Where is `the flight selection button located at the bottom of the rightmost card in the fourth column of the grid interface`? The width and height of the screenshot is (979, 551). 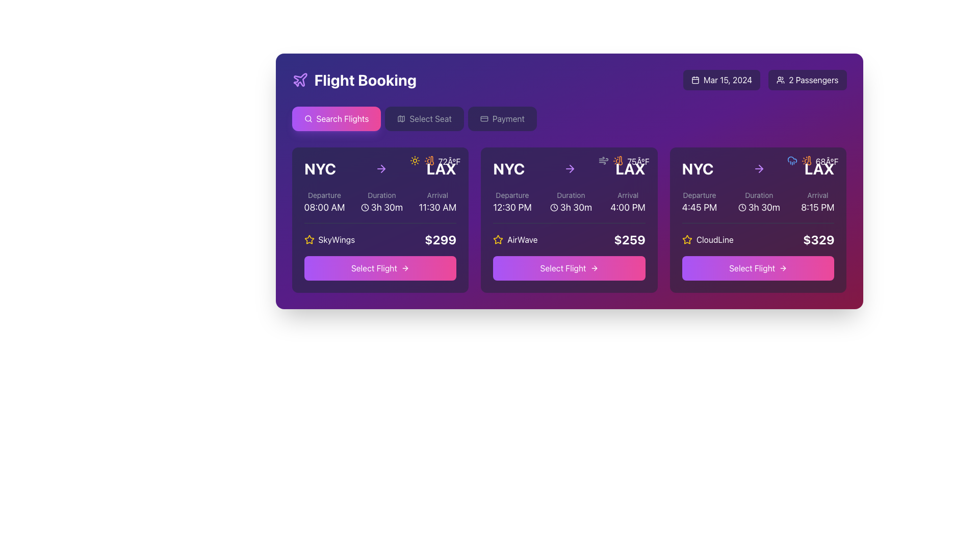
the flight selection button located at the bottom of the rightmost card in the fourth column of the grid interface is located at coordinates (758, 267).